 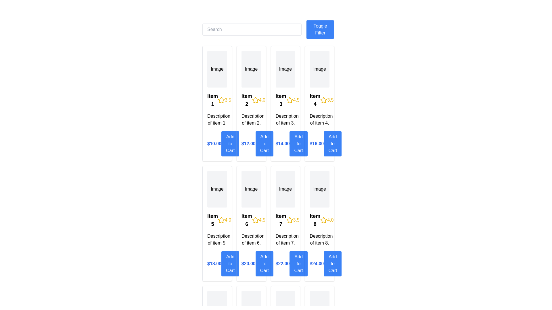 What do you see at coordinates (285, 263) in the screenshot?
I see `the combination of the price label and the button for 'Item 7' located in the bottom section of the card` at bounding box center [285, 263].